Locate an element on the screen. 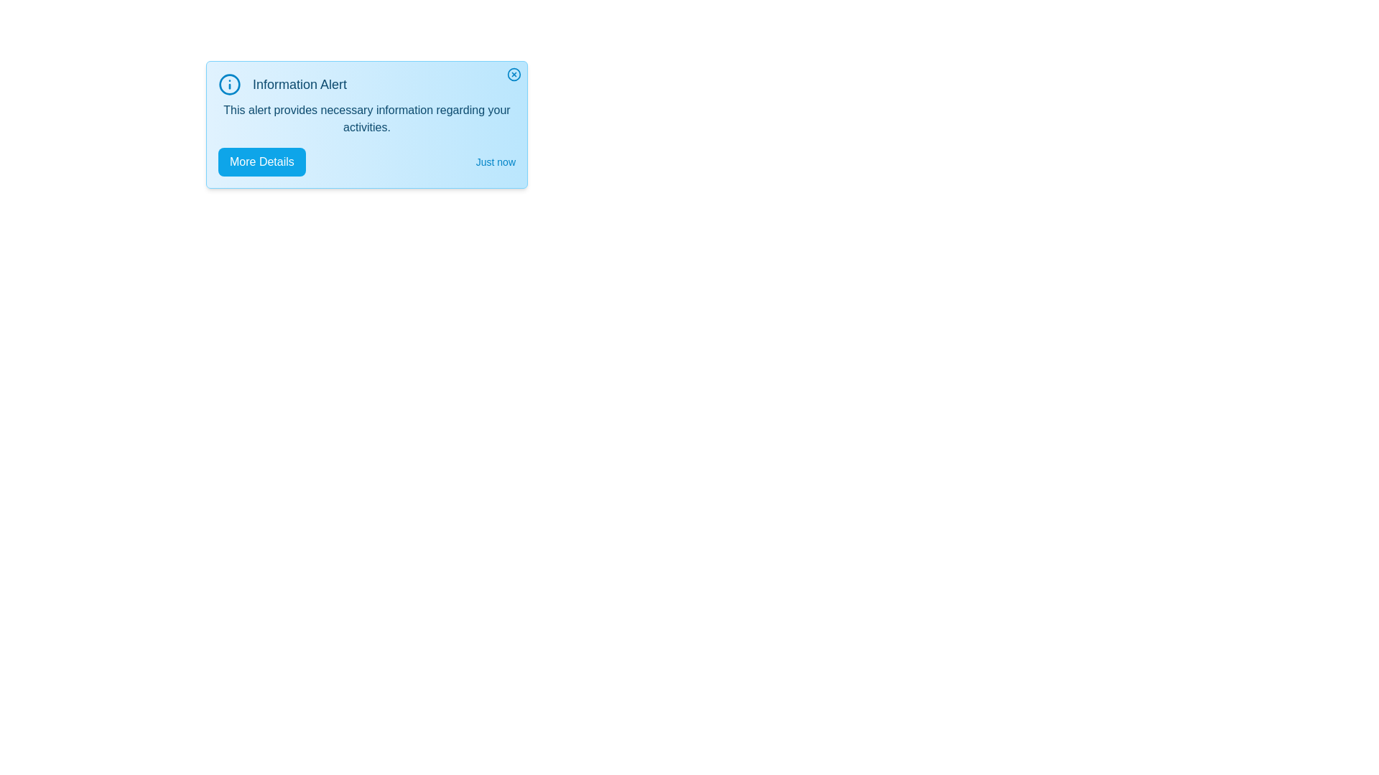  the timestamp element to observe its content is located at coordinates (496, 161).